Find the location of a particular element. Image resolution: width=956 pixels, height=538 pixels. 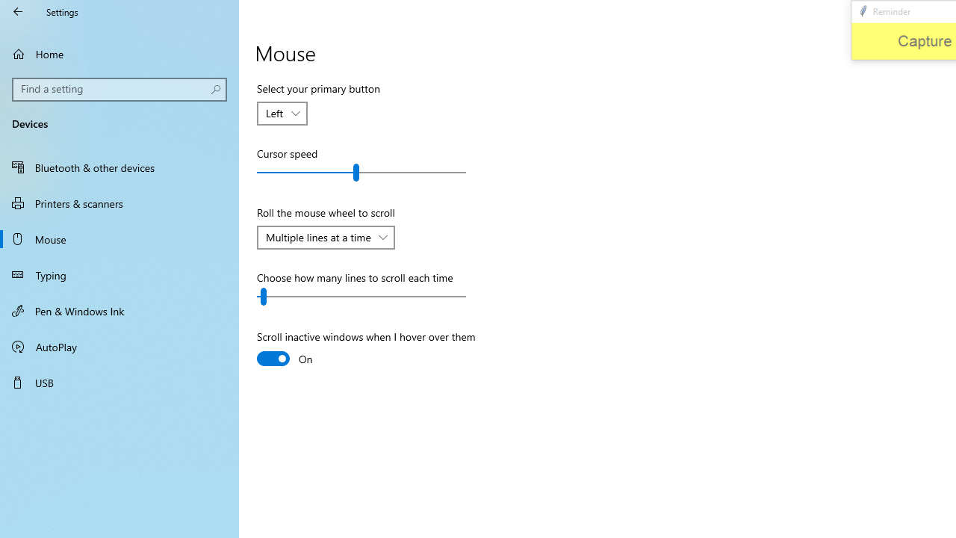

'AutoPlay' is located at coordinates (119, 347).